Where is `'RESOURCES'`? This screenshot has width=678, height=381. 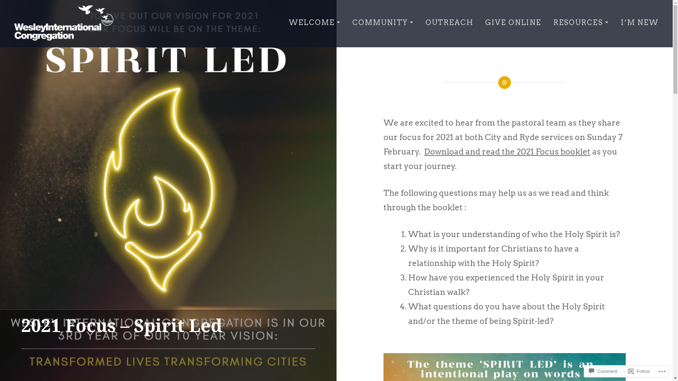 'RESOURCES' is located at coordinates (553, 23).